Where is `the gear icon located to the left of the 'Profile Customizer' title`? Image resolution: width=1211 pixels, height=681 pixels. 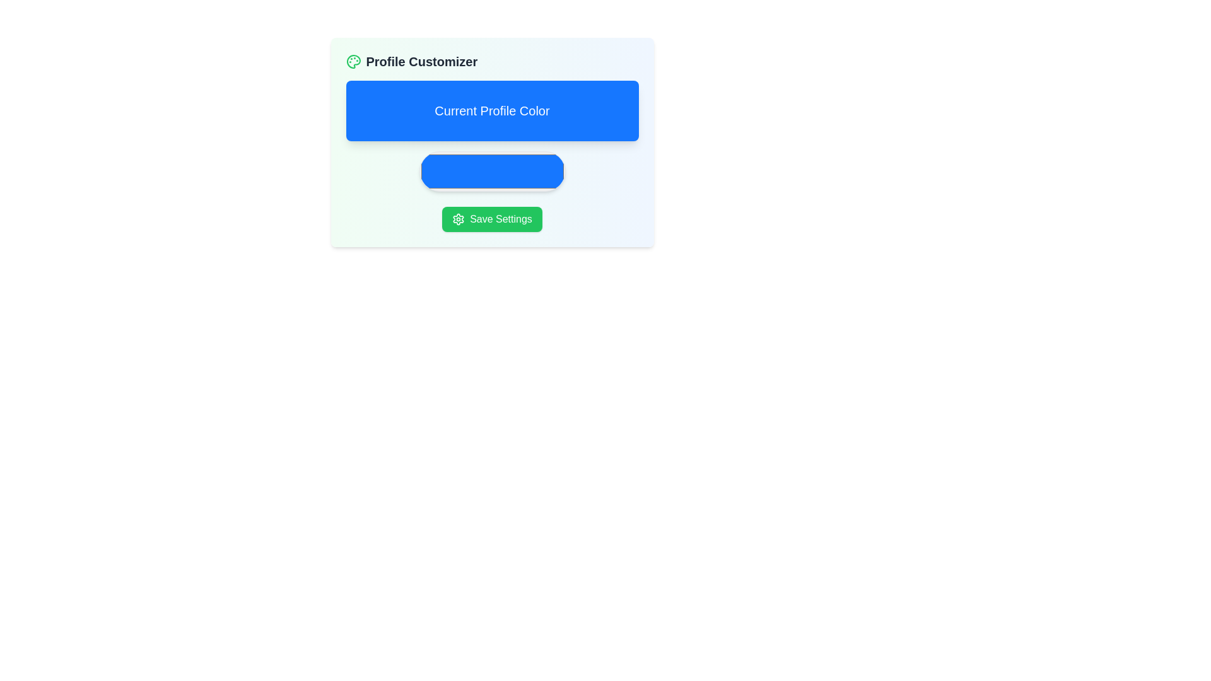 the gear icon located to the left of the 'Profile Customizer' title is located at coordinates (458, 218).